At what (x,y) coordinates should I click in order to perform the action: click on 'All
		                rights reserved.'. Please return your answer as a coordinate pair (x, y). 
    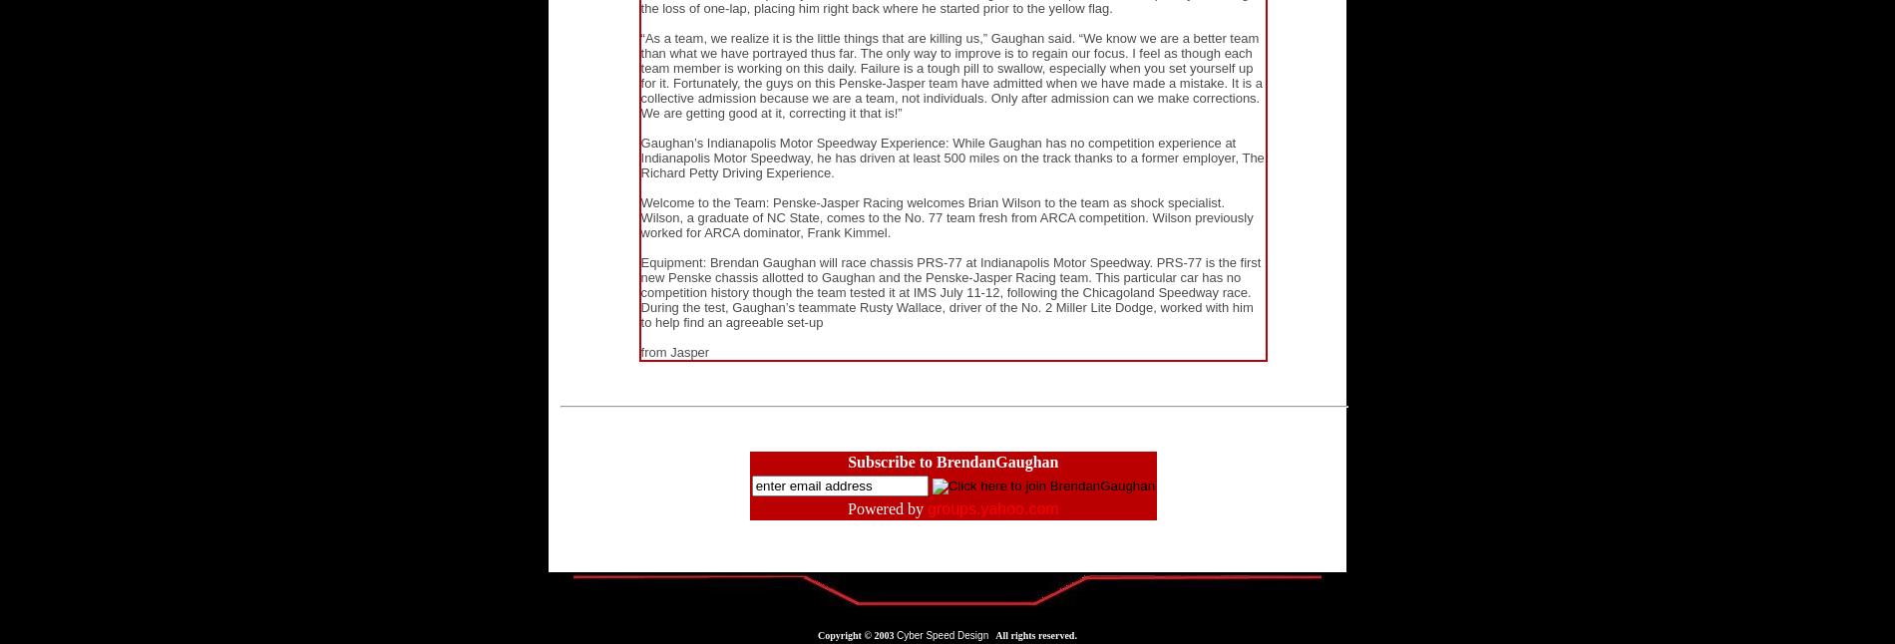
    Looking at the image, I should click on (1031, 635).